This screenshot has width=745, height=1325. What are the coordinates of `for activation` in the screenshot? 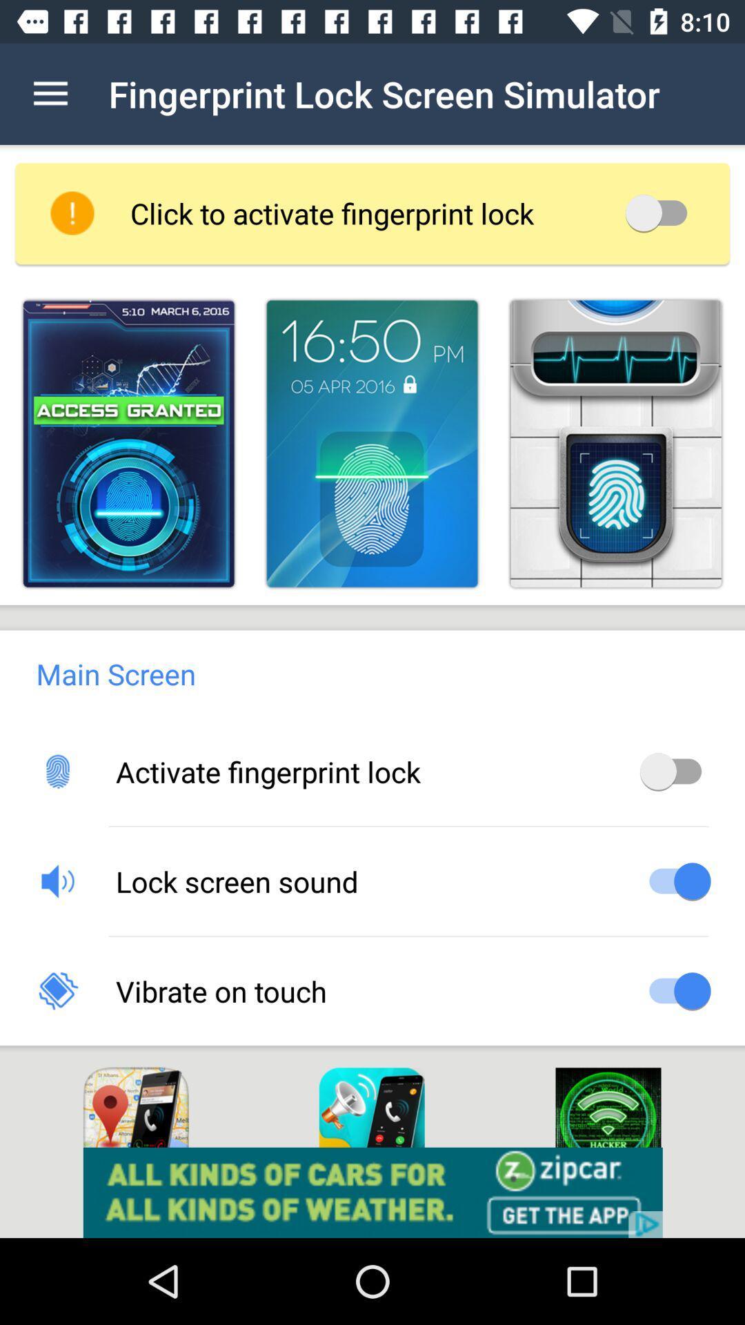 It's located at (128, 444).